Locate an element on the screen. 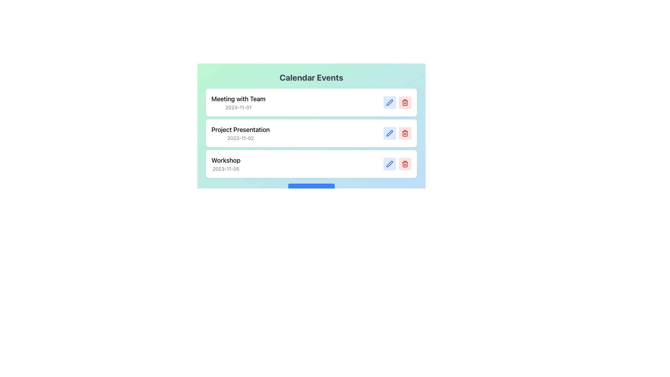 The image size is (670, 377). the 'Workshop' label that displays in bold, medium-sized font, positioned to the left of the date '2023-11-05' in the bottom-most event block is located at coordinates (226, 160).